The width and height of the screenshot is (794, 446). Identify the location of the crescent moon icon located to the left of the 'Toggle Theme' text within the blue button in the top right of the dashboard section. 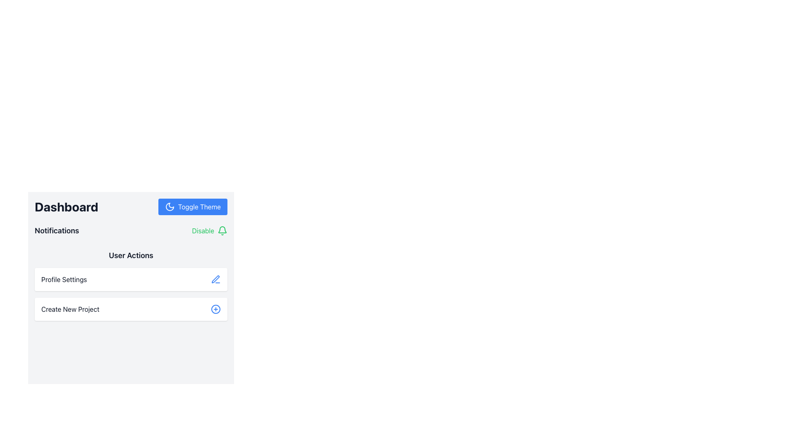
(169, 206).